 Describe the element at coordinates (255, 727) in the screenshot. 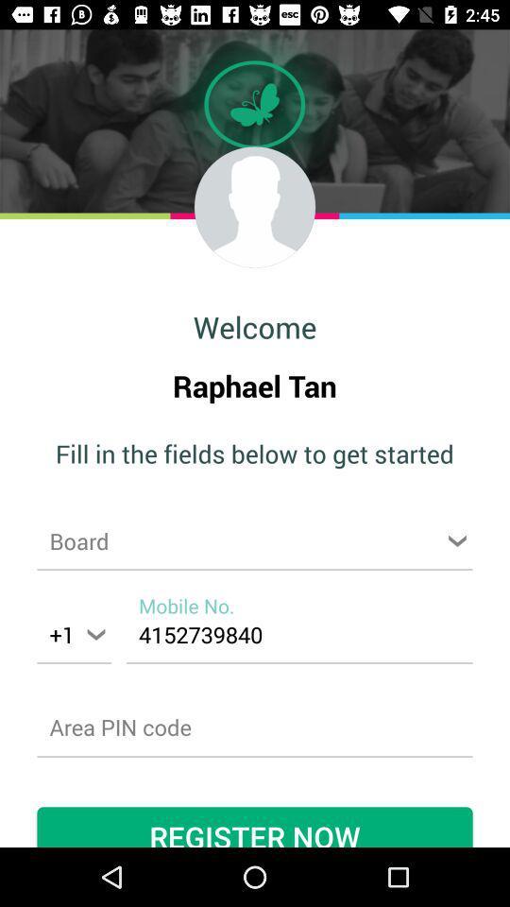

I see `button page` at that location.